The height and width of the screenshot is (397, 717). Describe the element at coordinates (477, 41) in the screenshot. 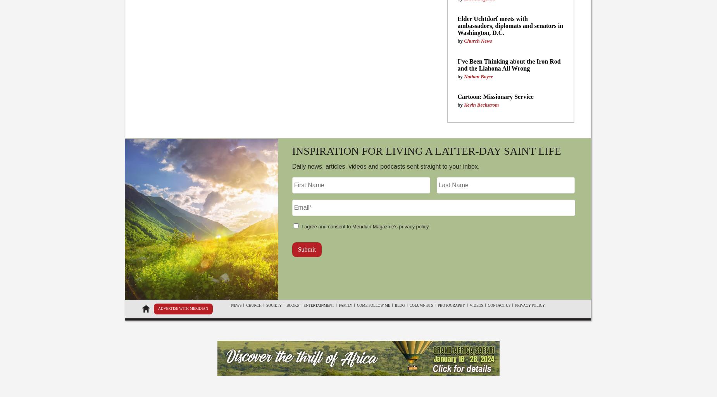

I see `'Church News'` at that location.